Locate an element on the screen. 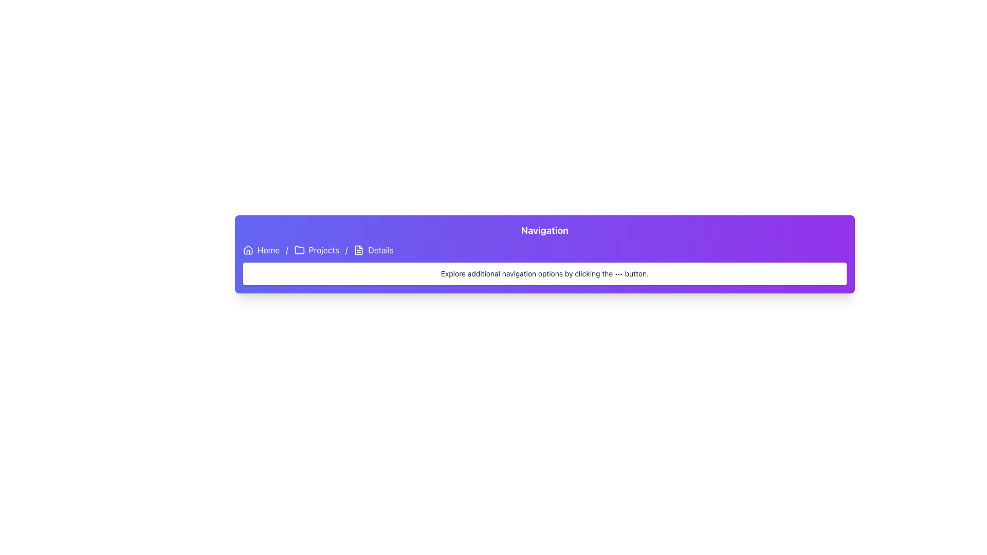  the forward slash (/) separator in the breadcrumb navigation bar that separates 'Projects' and 'Details' with a purple background is located at coordinates (346, 250).